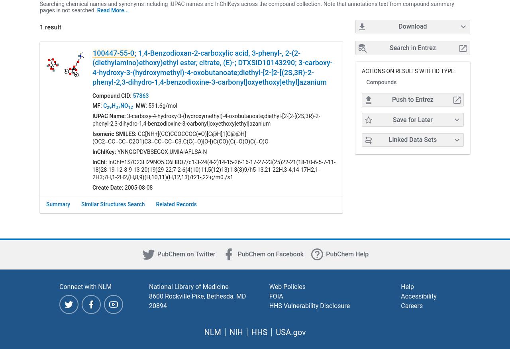  What do you see at coordinates (276, 296) in the screenshot?
I see `'FOIA'` at bounding box center [276, 296].